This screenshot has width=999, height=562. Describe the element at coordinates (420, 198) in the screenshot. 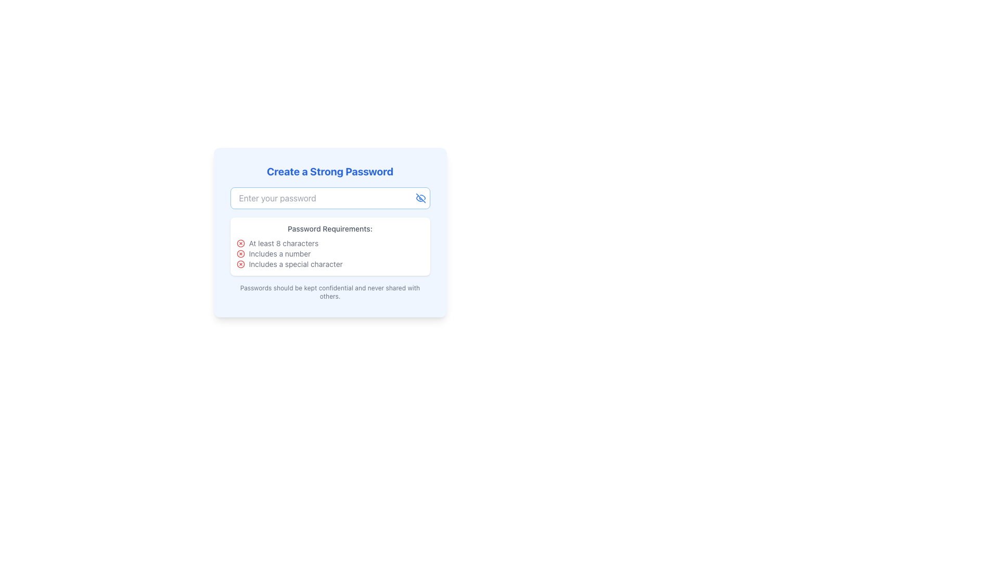

I see `the Visibility Toggle Icon located near the right side of the password input field` at that location.